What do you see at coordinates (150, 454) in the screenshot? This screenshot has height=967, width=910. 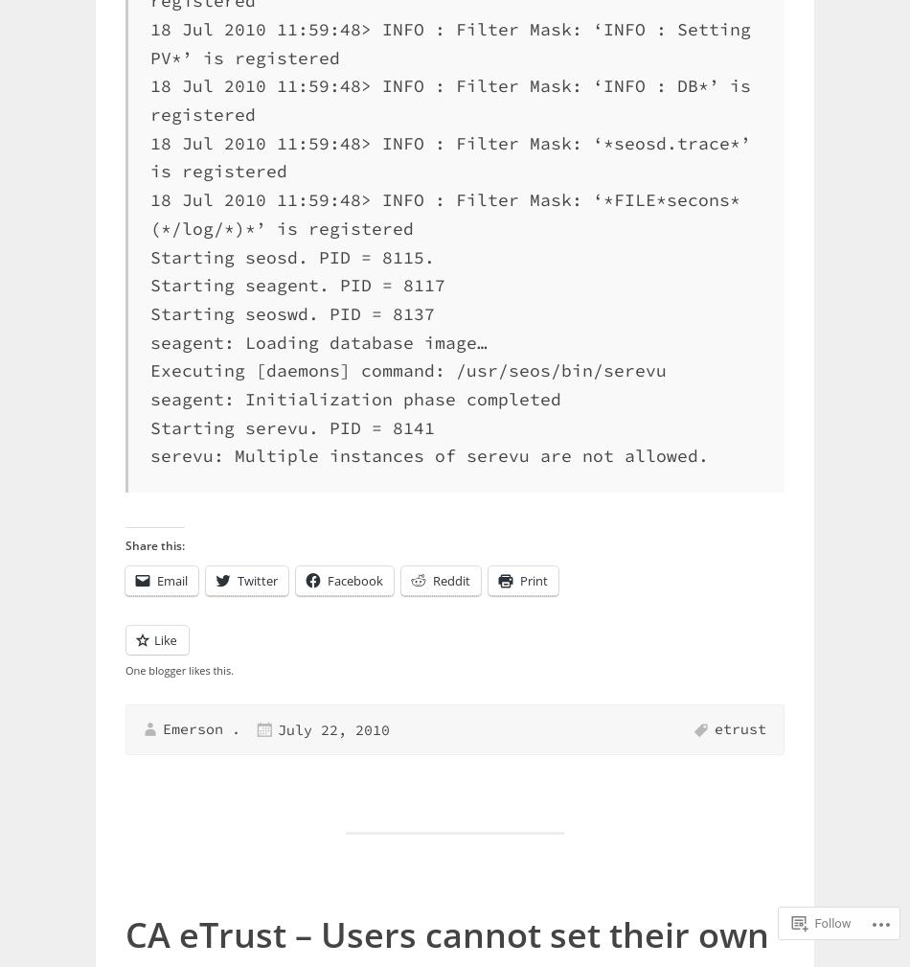 I see `'serevu: Multiple instances of serevu are not allowed.'` at bounding box center [150, 454].